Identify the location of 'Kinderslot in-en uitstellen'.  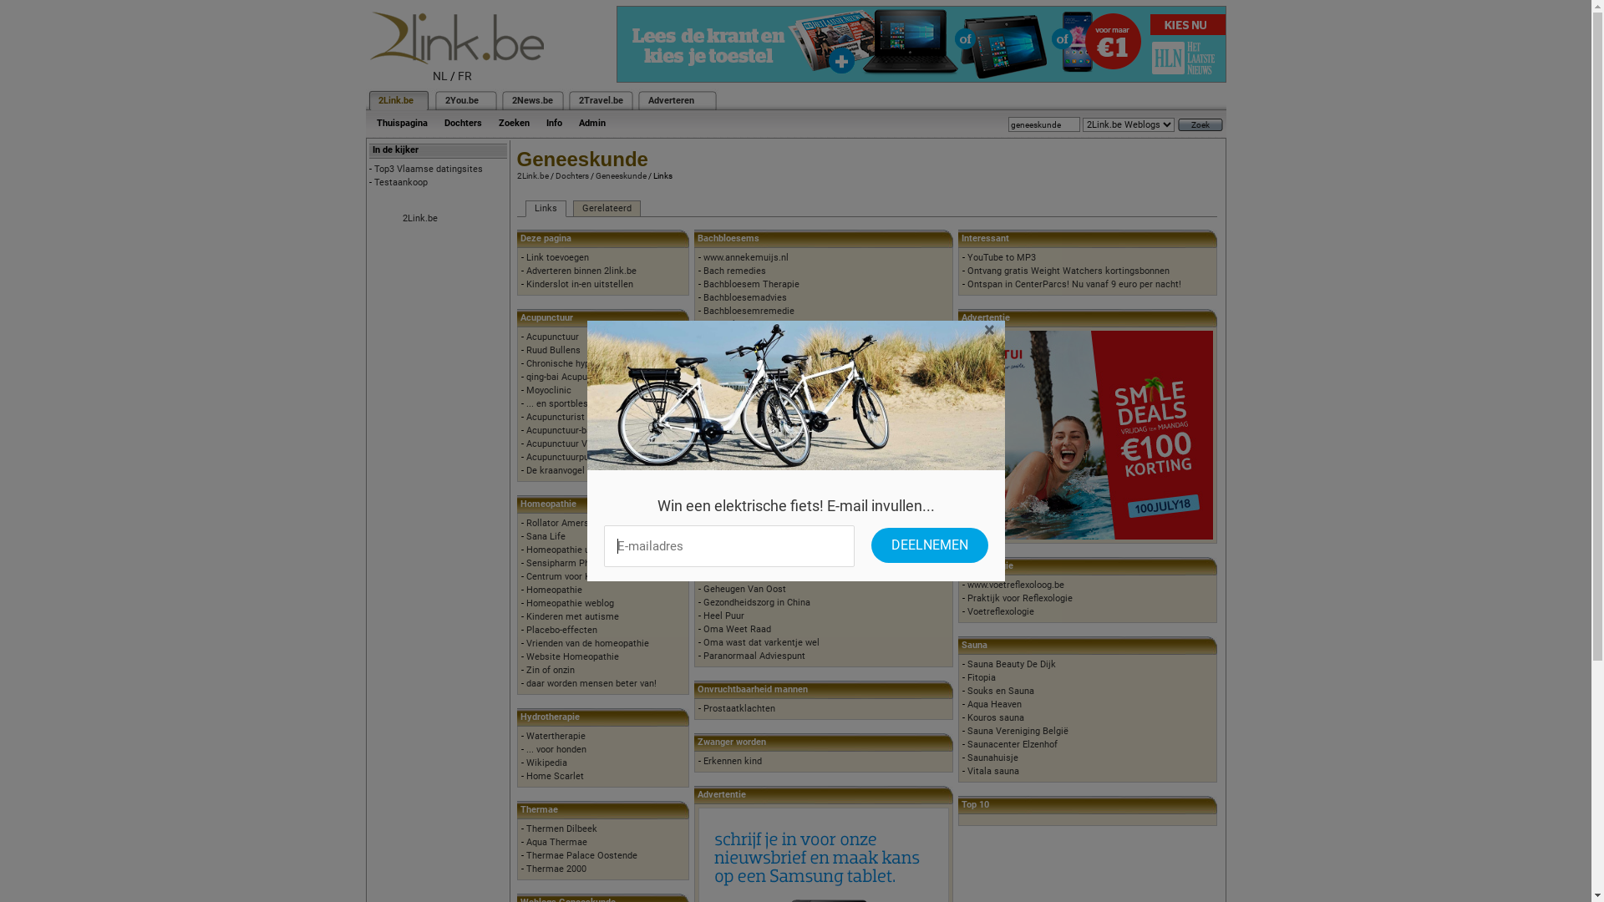
(580, 283).